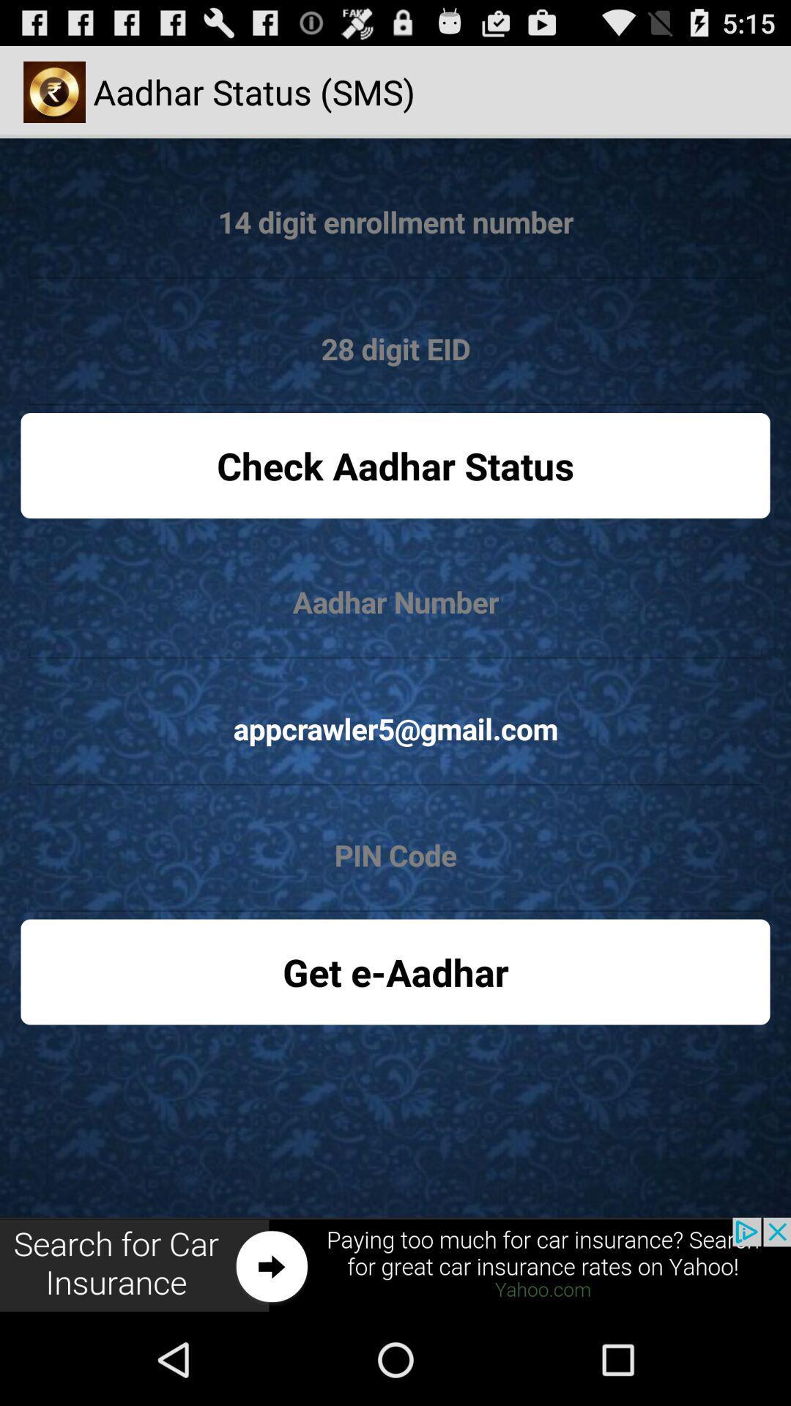 This screenshot has width=791, height=1406. What do you see at coordinates (395, 222) in the screenshot?
I see `14 digit enrollment number icon` at bounding box center [395, 222].